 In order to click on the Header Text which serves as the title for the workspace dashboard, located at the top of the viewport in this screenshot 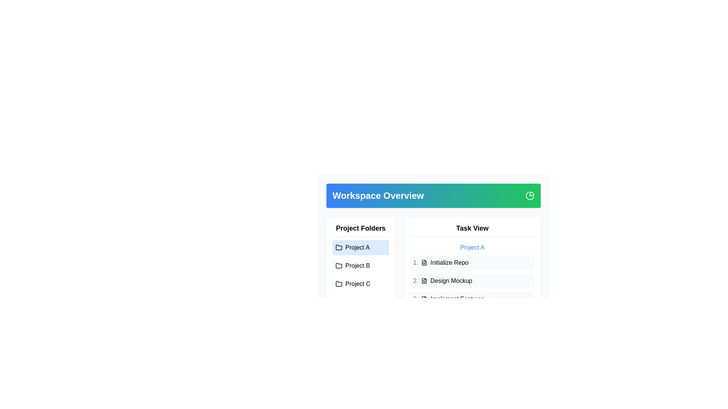, I will do `click(378, 195)`.